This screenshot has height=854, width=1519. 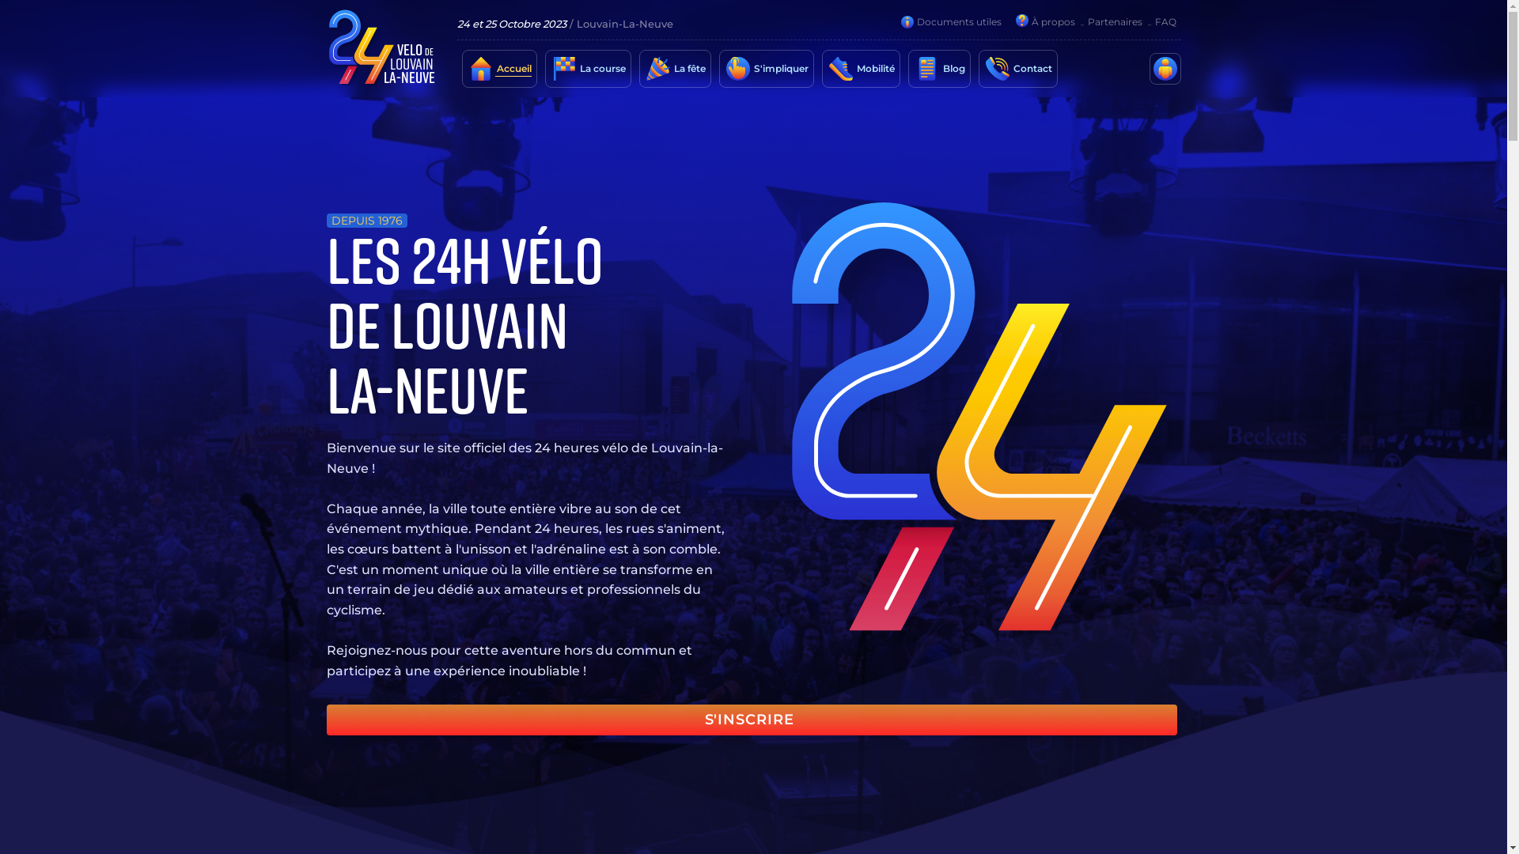 What do you see at coordinates (779, 68) in the screenshot?
I see `'S'impliquer'` at bounding box center [779, 68].